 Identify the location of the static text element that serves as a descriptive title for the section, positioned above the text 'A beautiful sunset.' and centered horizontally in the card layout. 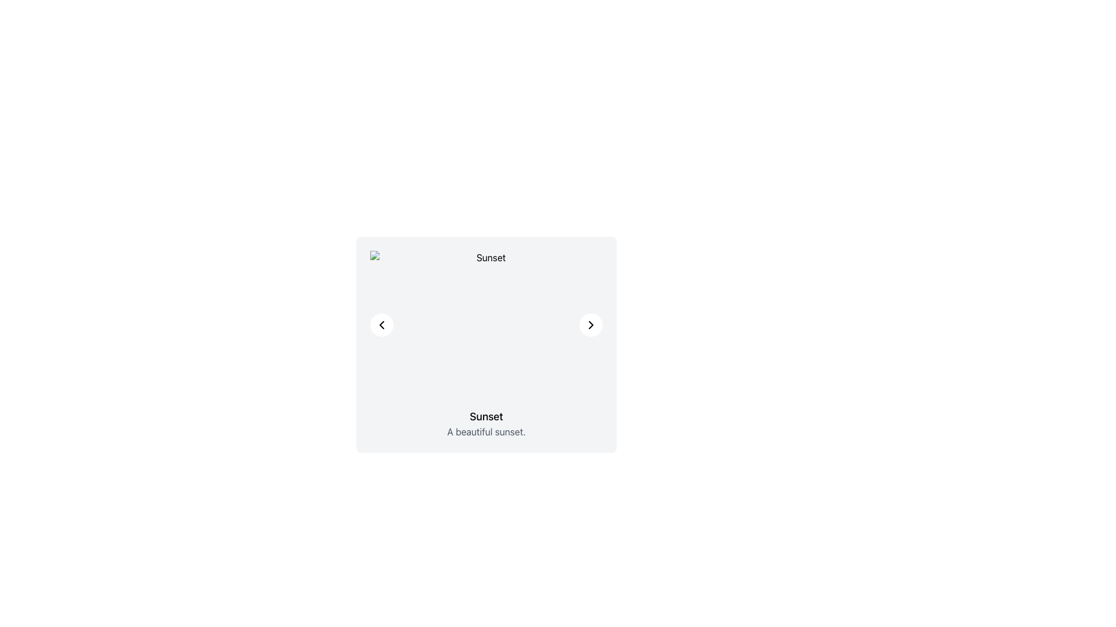
(486, 416).